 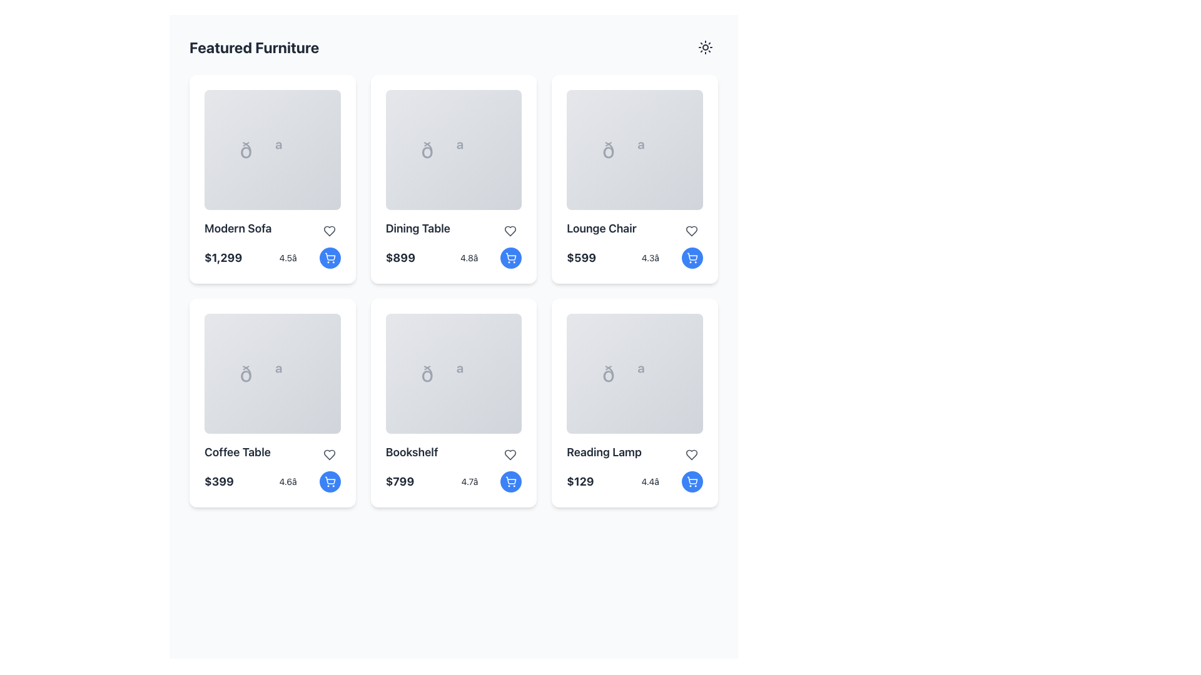 What do you see at coordinates (271, 372) in the screenshot?
I see `the image placeholder area for the 'Coffee Table' item` at bounding box center [271, 372].